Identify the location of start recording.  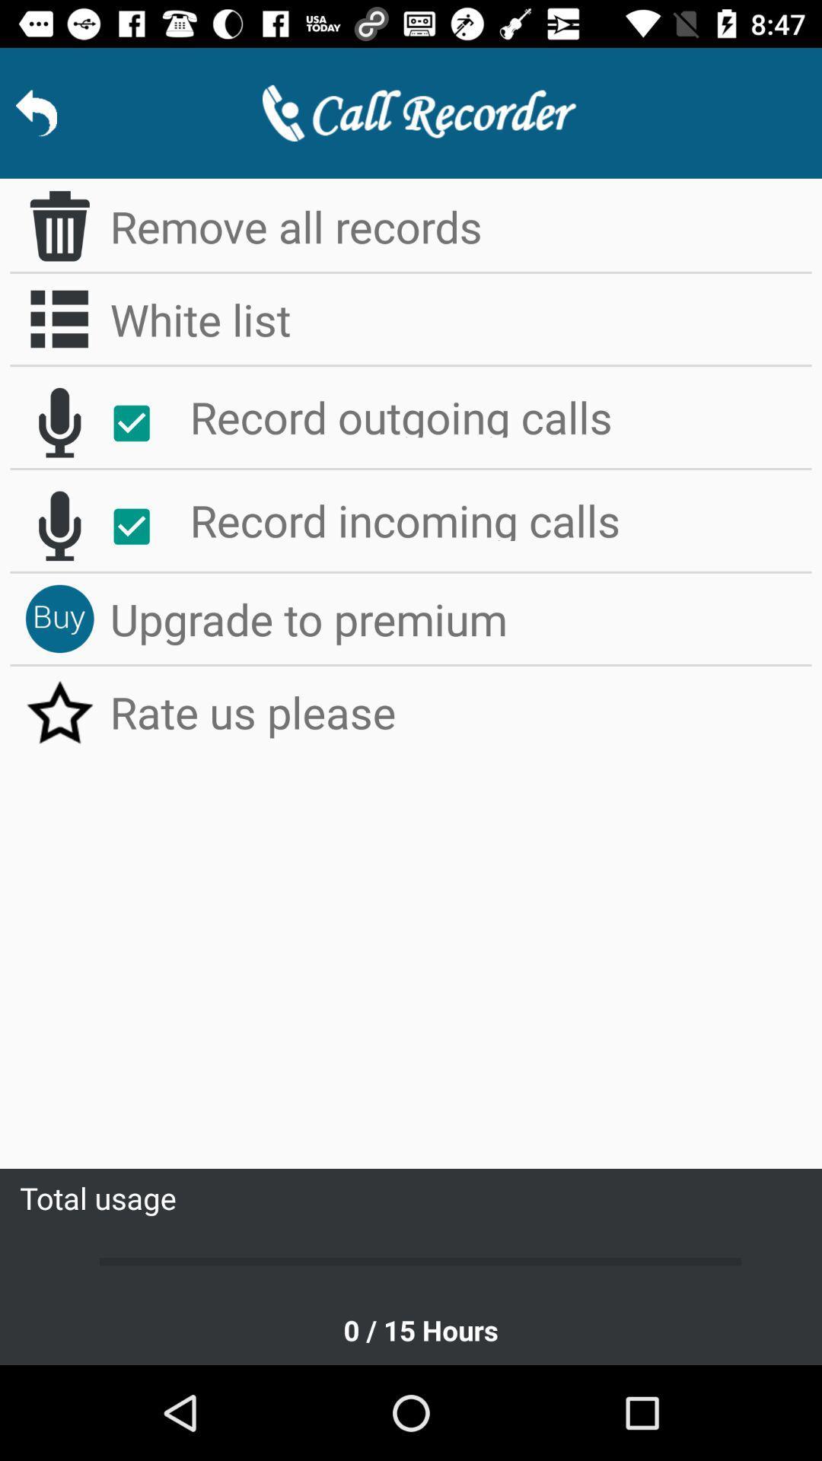
(59, 526).